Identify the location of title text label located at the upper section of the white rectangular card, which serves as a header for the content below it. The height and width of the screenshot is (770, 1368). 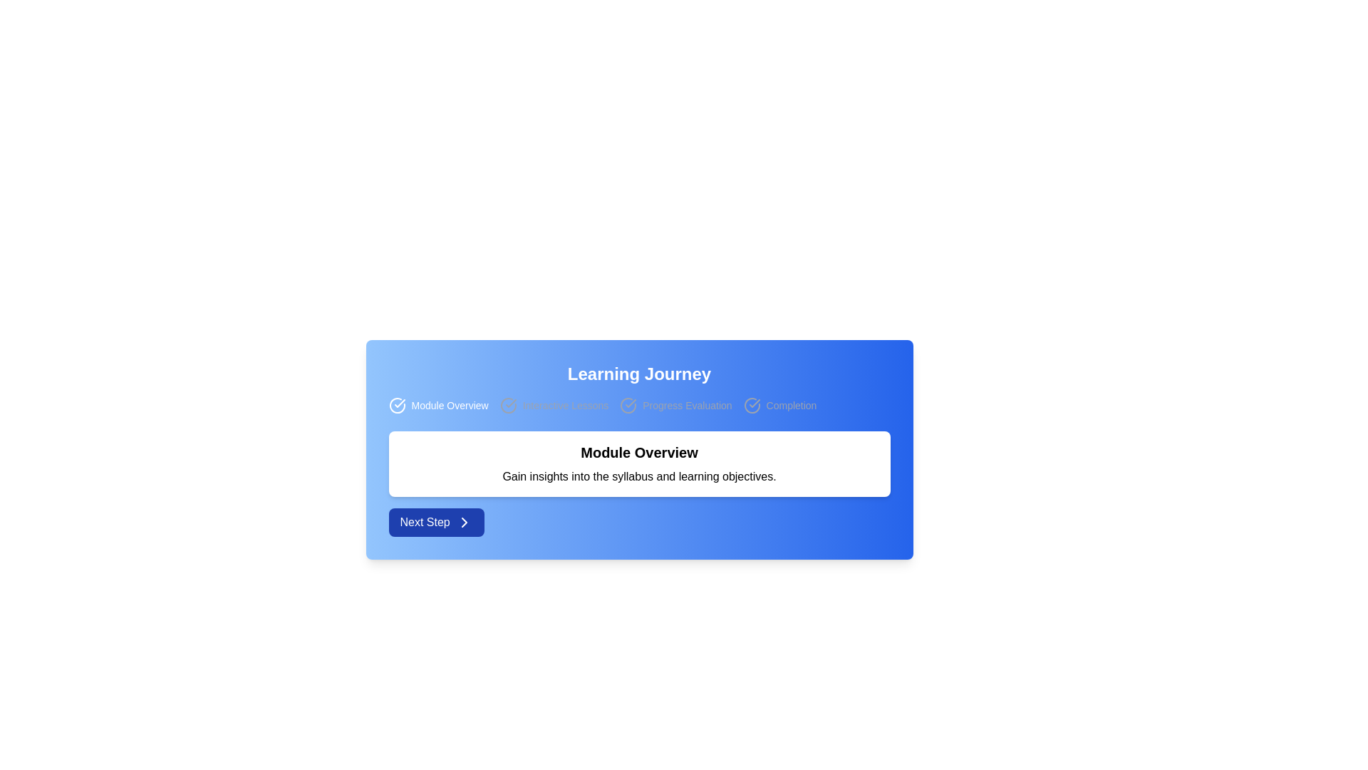
(638, 453).